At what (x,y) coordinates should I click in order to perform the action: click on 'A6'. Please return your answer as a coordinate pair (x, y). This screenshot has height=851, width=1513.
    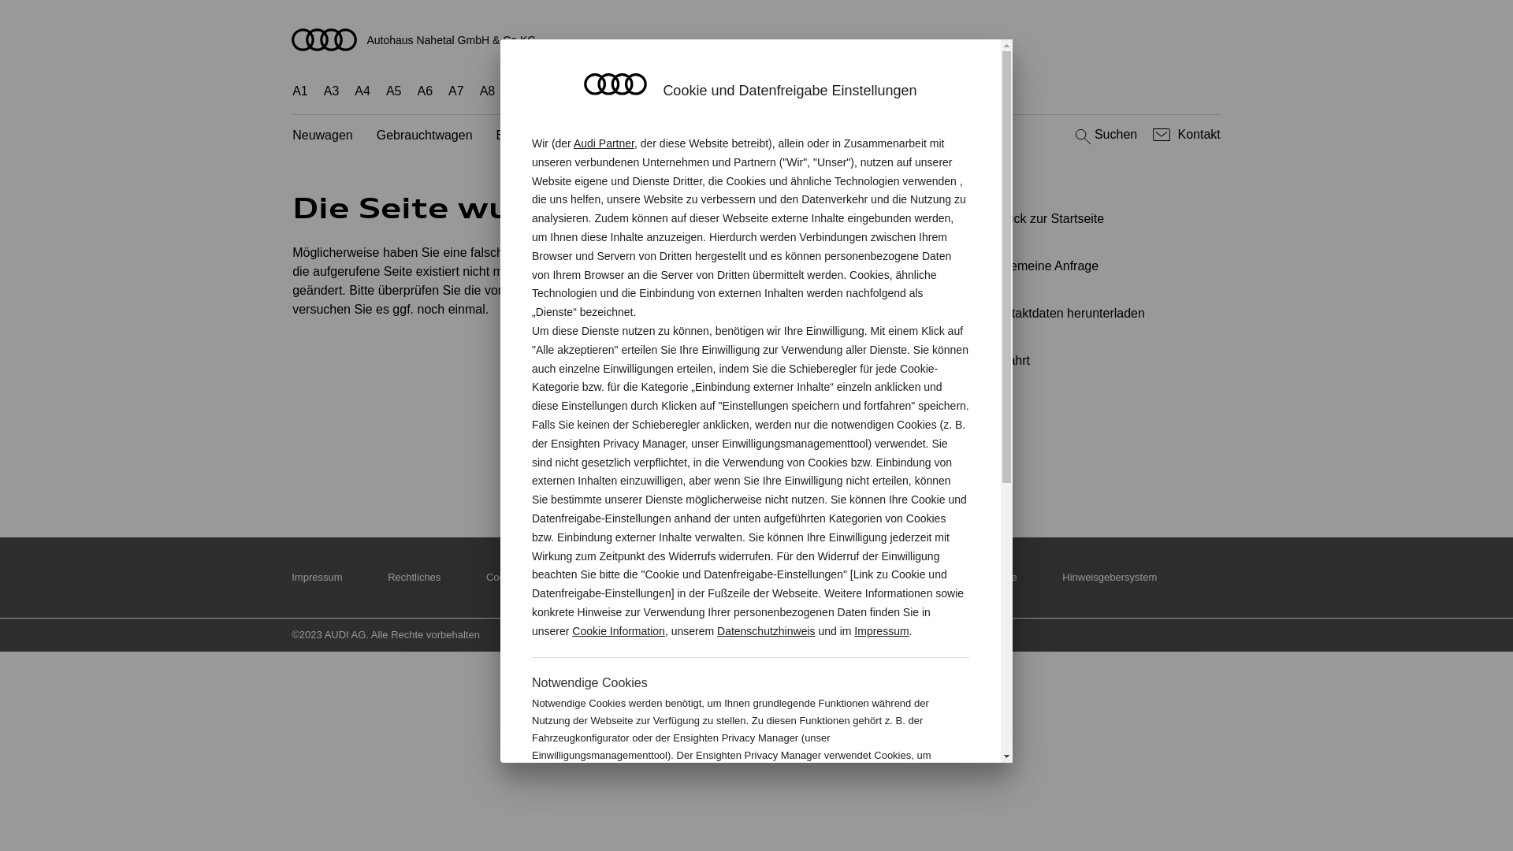
    Looking at the image, I should click on (425, 91).